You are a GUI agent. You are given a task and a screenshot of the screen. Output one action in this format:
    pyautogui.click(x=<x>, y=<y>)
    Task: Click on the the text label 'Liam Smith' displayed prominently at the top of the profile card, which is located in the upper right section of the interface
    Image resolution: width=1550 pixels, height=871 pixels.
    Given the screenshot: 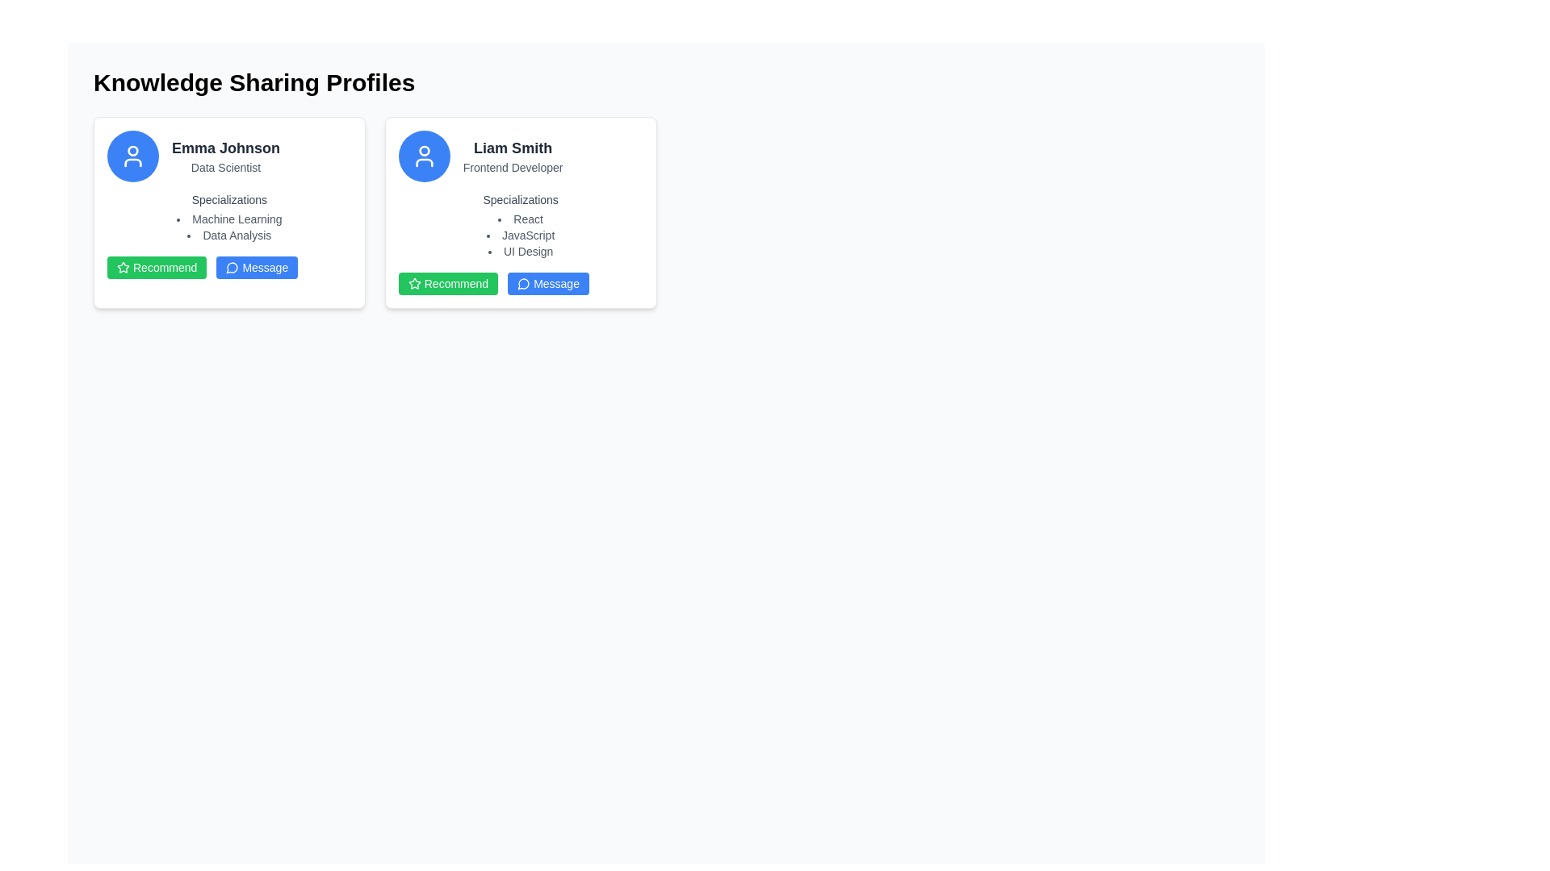 What is the action you would take?
    pyautogui.click(x=512, y=148)
    